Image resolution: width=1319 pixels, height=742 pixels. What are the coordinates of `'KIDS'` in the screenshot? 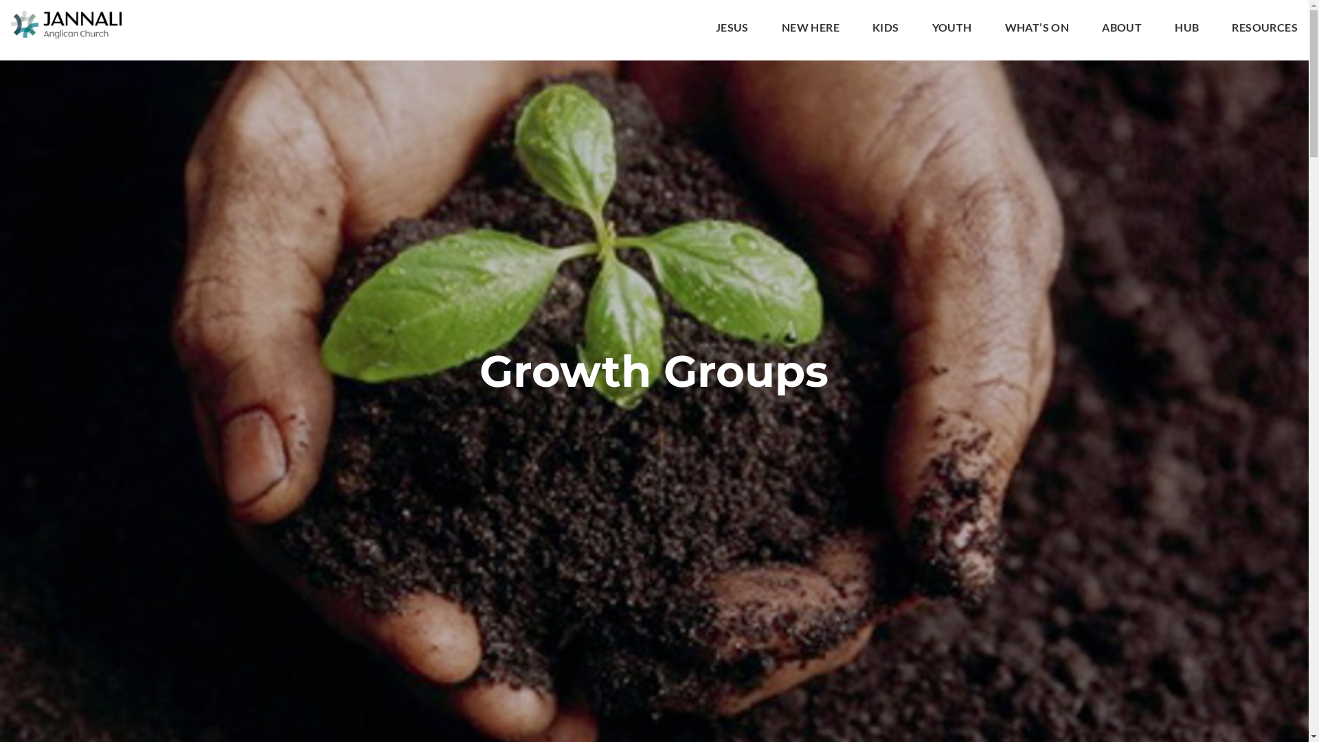 It's located at (886, 30).